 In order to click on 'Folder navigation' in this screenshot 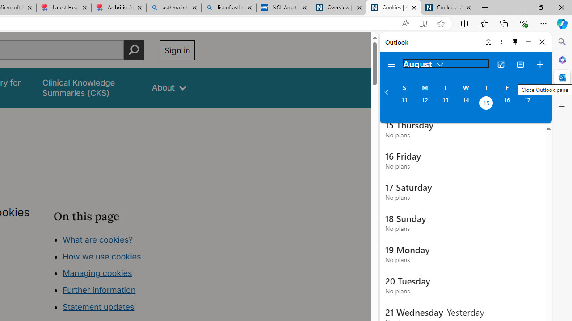, I will do `click(391, 64)`.